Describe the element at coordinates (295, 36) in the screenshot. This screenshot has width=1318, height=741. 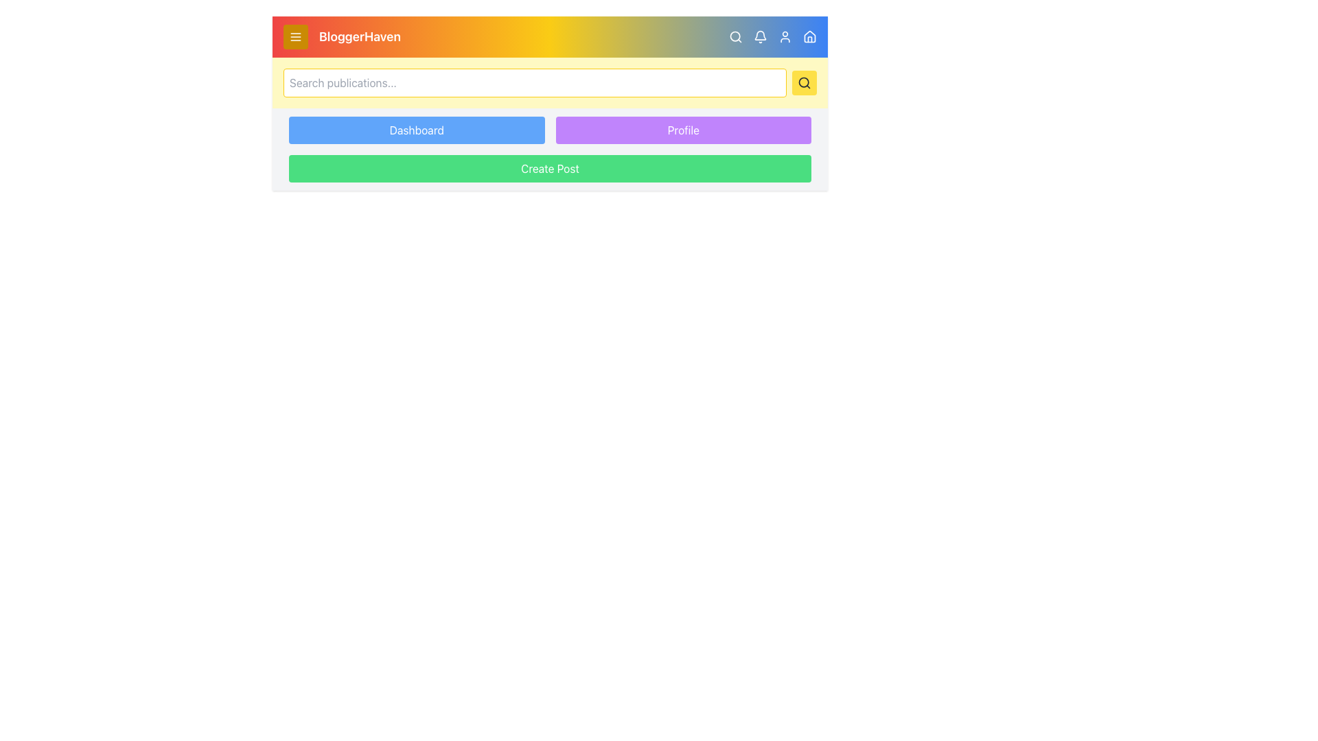
I see `the vertically-aligned menu icon with three horizontal white lines on a yellow background` at that location.